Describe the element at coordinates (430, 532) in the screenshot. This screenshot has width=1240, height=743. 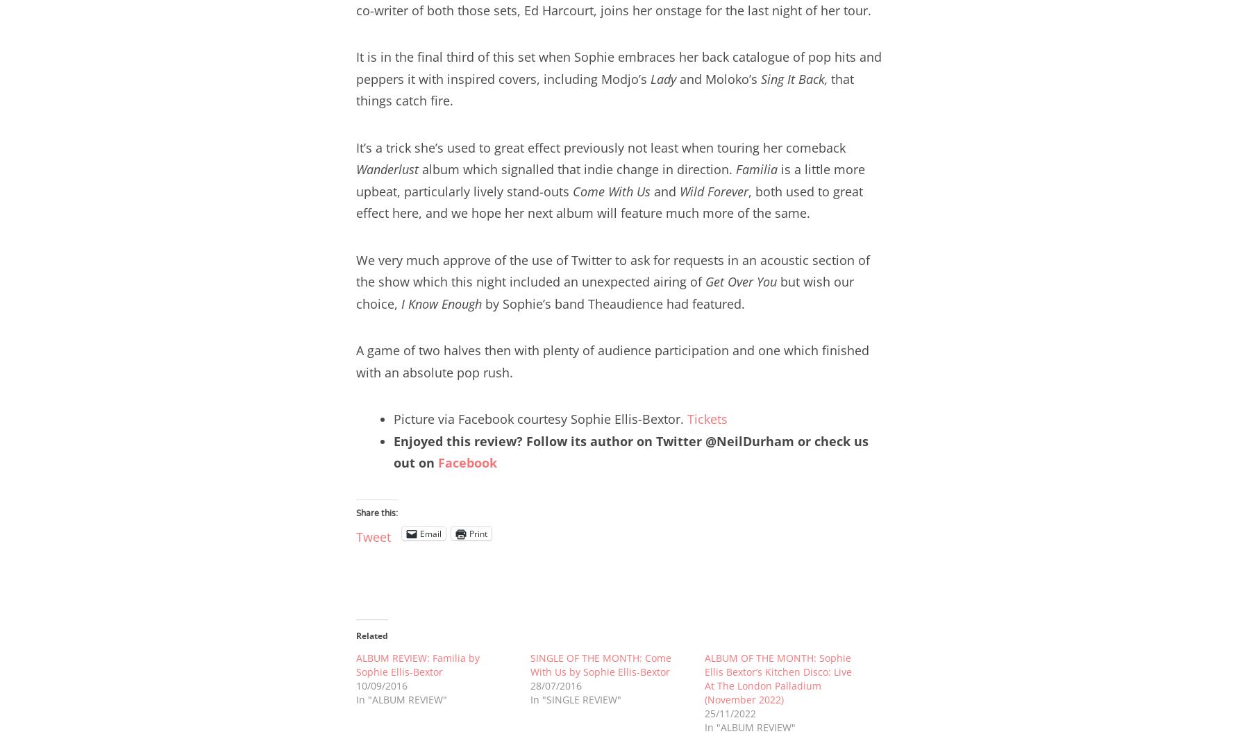
I see `'Email'` at that location.